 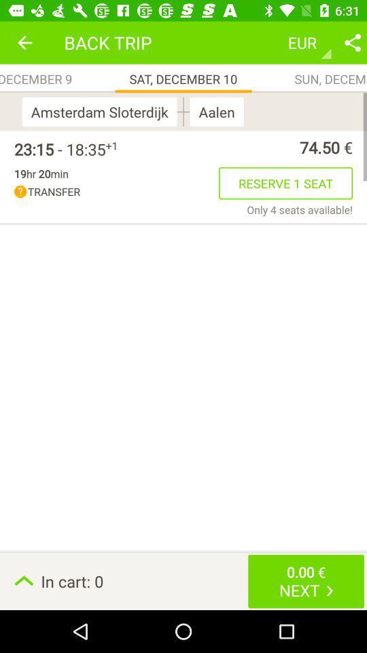 I want to click on item next to reserve 1 seat, so click(x=116, y=191).